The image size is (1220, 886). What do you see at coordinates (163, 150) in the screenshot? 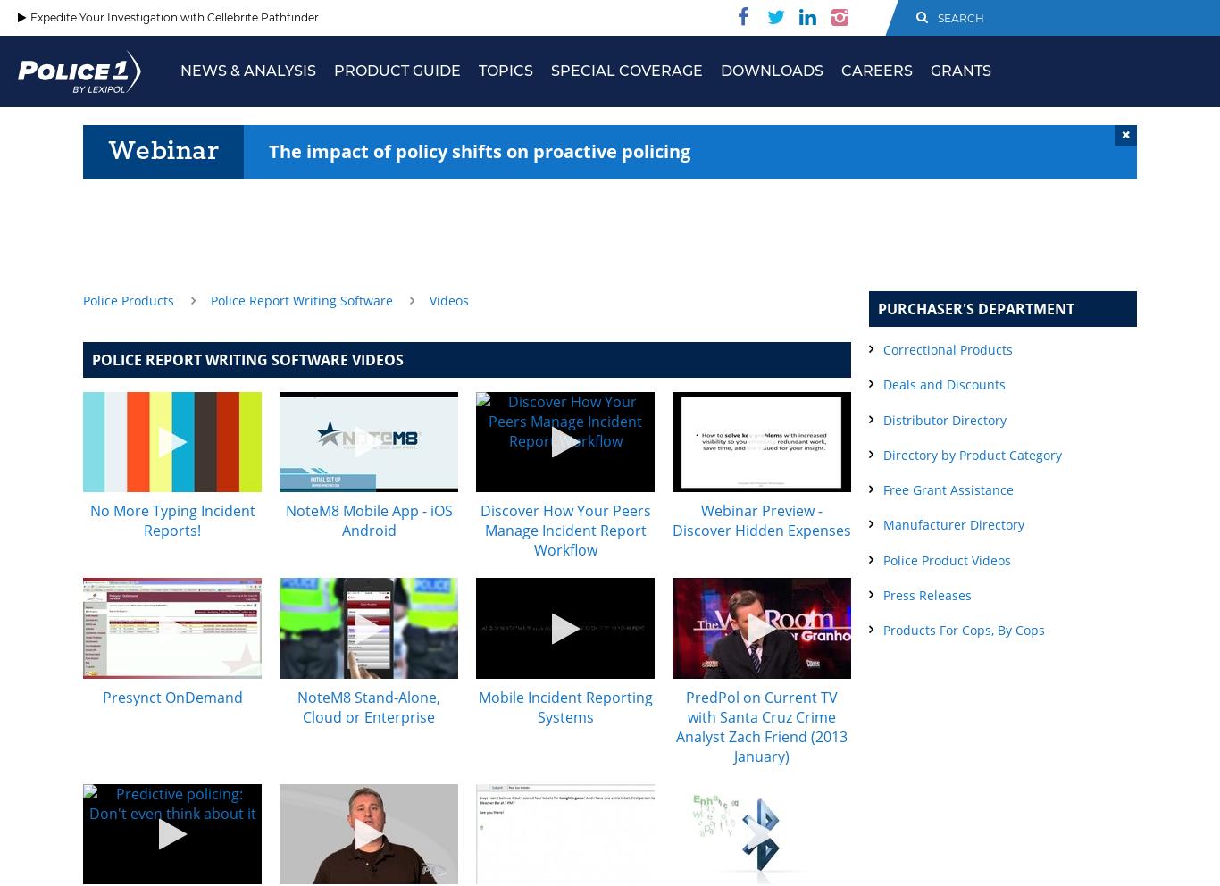
I see `'Webinar'` at bounding box center [163, 150].